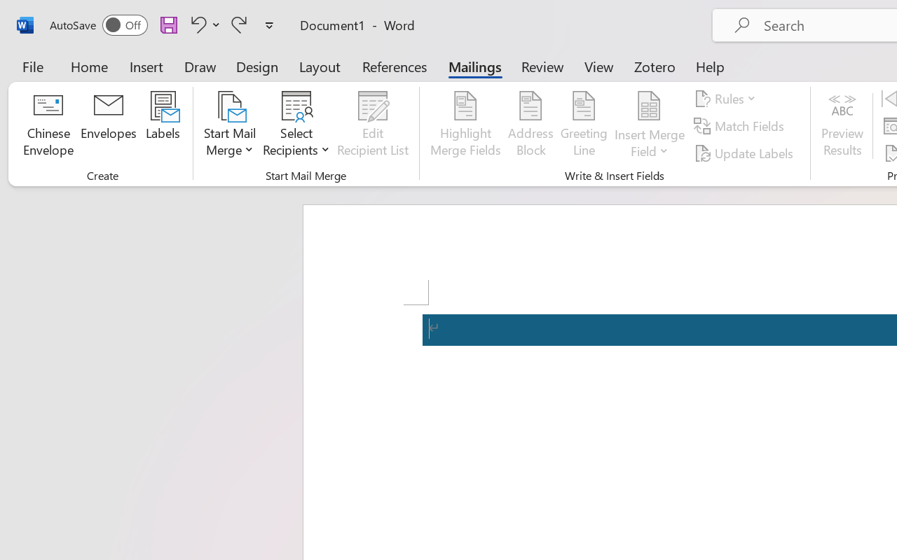  What do you see at coordinates (296, 125) in the screenshot?
I see `'Select Recipients'` at bounding box center [296, 125].